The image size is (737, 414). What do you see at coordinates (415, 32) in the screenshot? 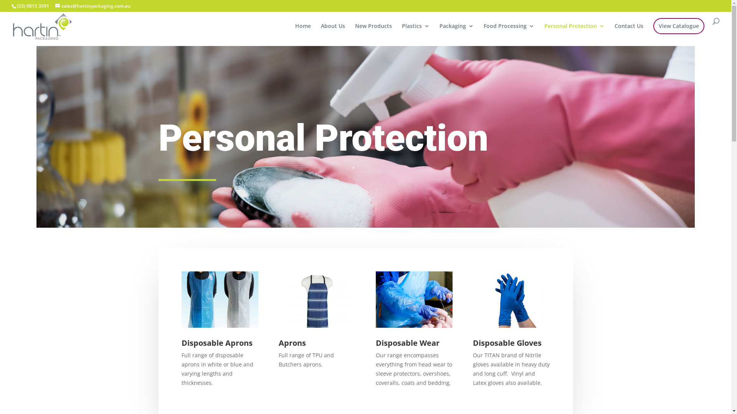
I see `'Plastics'` at bounding box center [415, 32].